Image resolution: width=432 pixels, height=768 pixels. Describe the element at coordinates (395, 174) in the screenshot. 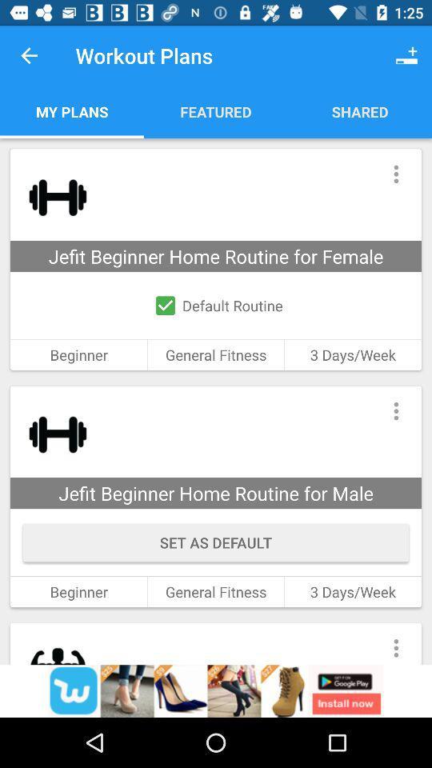

I see `show the dropdown menu` at that location.